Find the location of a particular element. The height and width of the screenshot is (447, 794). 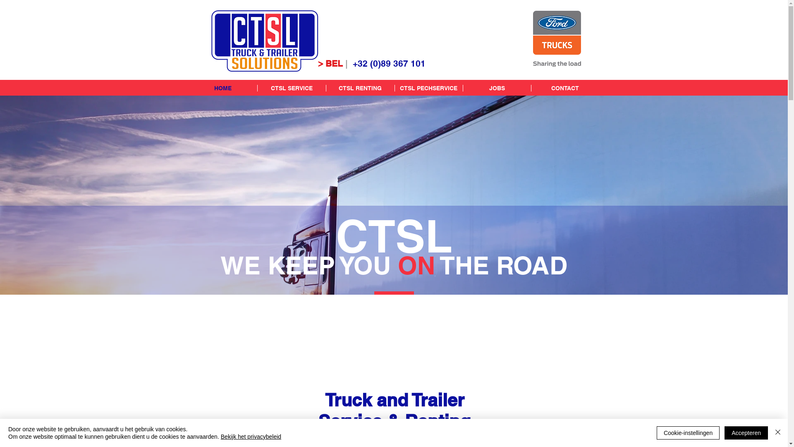

'Bekijk het privacybeleid' is located at coordinates (250, 436).